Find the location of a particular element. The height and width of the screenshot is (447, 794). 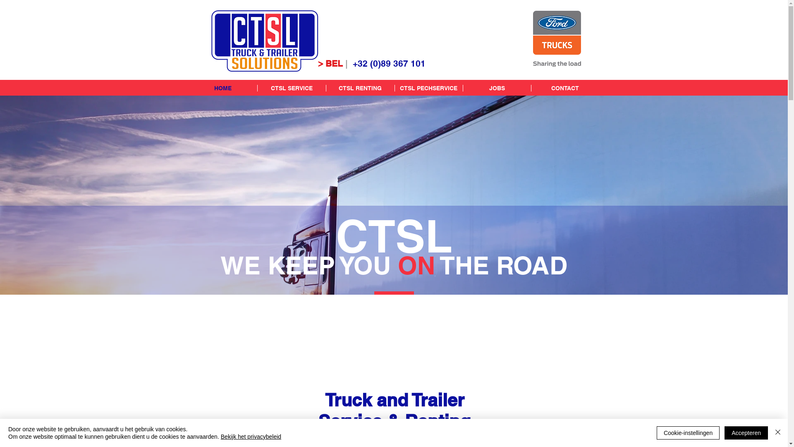

'Bekijk het privacybeleid' is located at coordinates (250, 436).